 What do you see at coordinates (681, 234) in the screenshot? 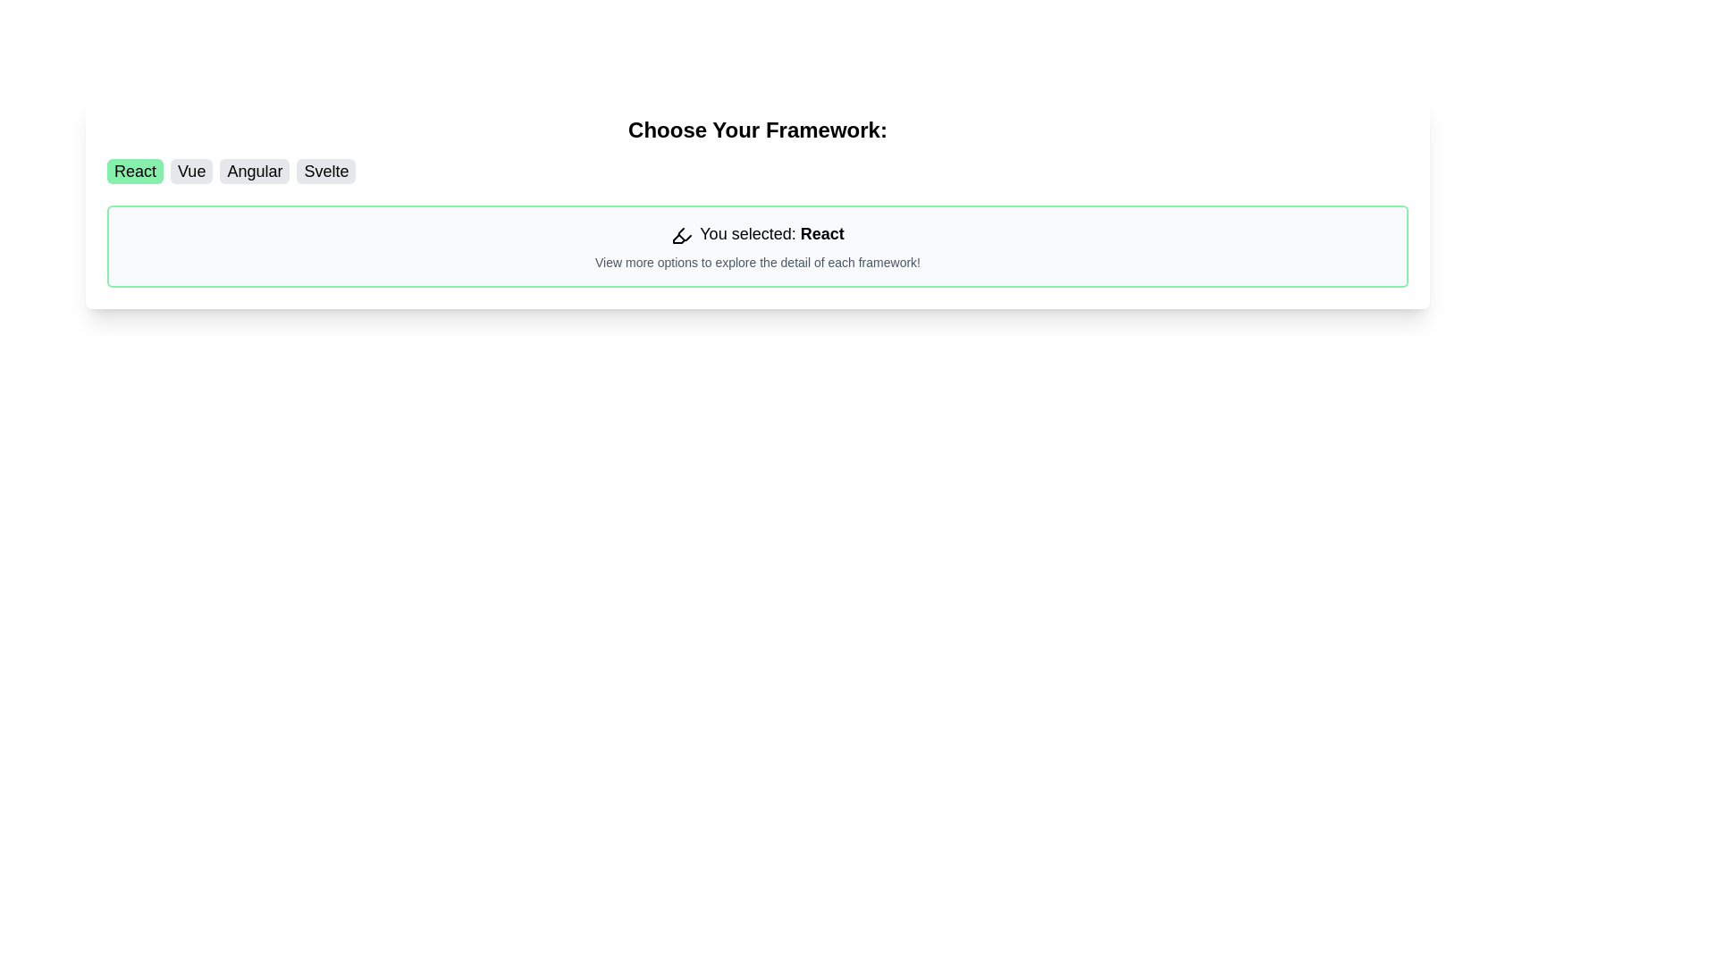
I see `the highlighter pen icon located to the left of the text 'You selected: React' within the green-bordered section below the 'Choose Your Framework:' header` at bounding box center [681, 234].